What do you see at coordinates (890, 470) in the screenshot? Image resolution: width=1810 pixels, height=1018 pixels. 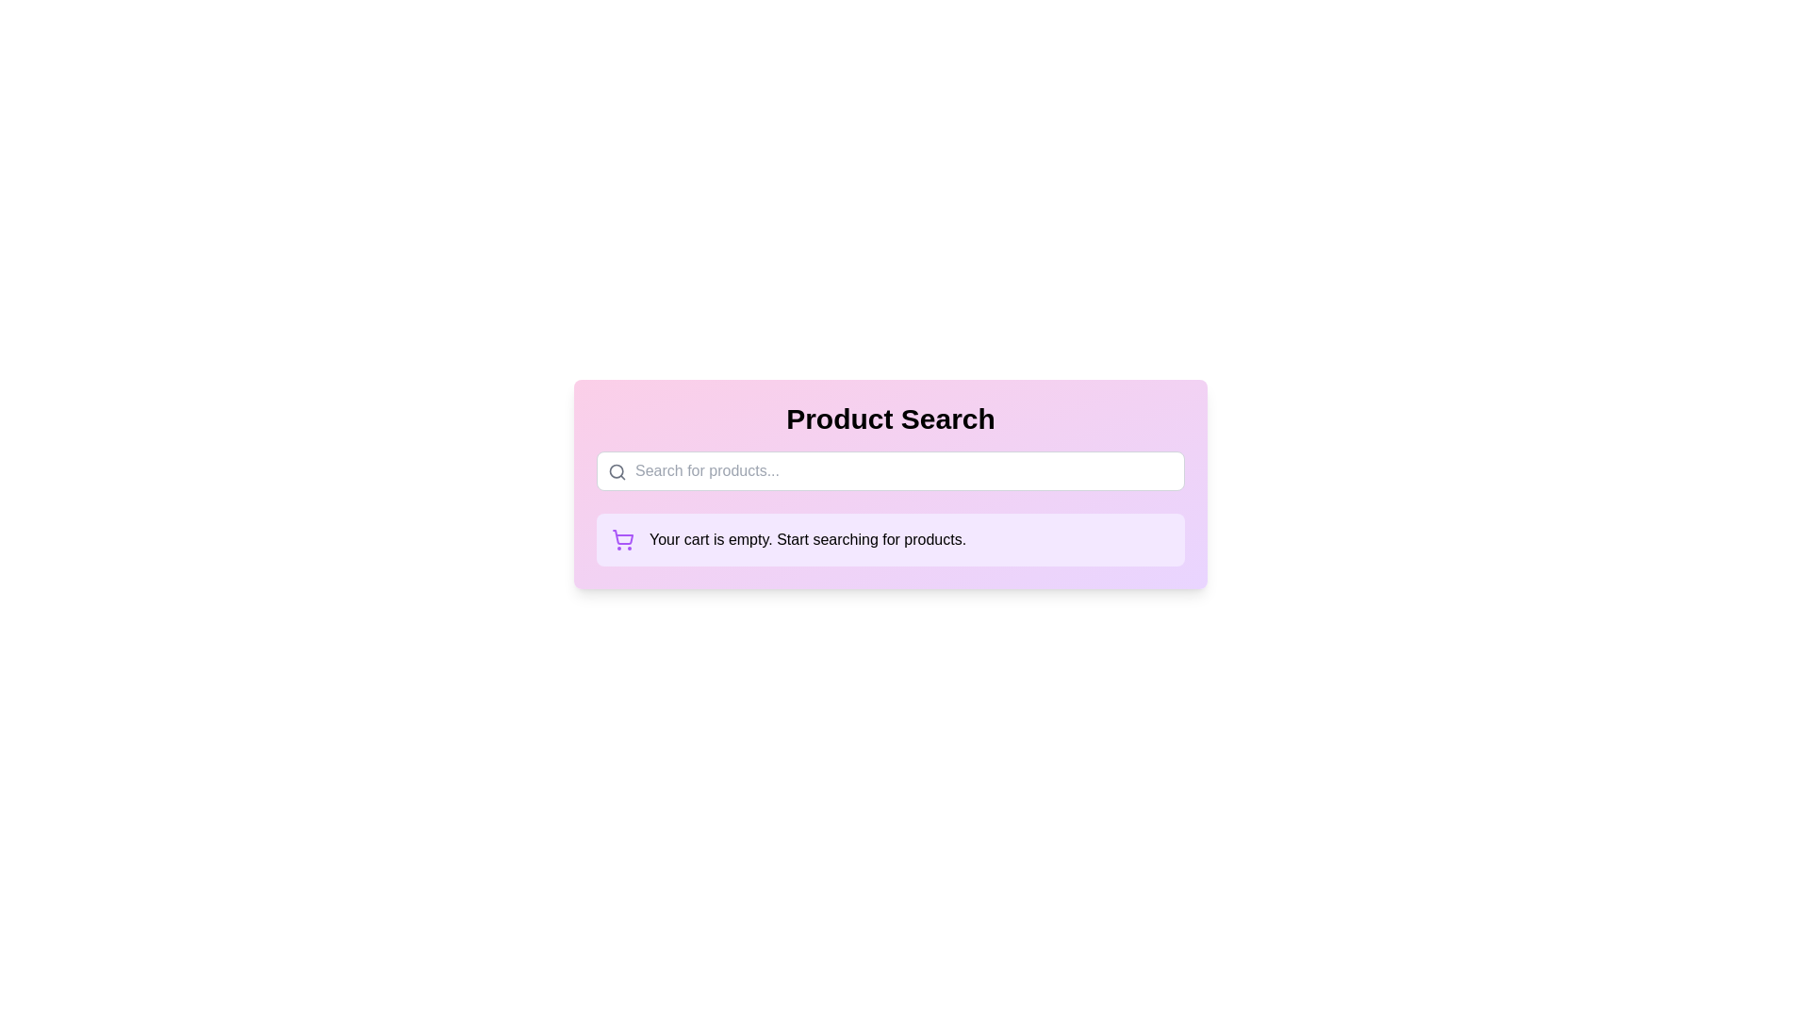 I see `the search input box with a light gray placeholder 'Search for products...' to focus on it` at bounding box center [890, 470].